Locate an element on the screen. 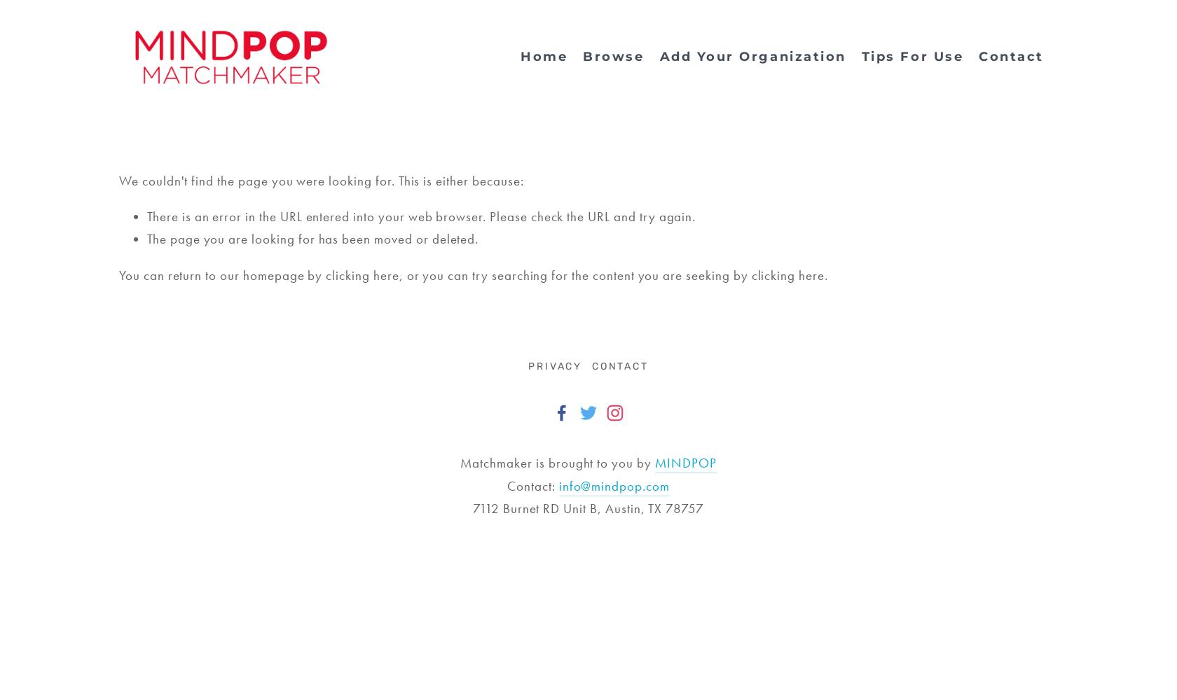  'MINDPOP' is located at coordinates (654, 463).